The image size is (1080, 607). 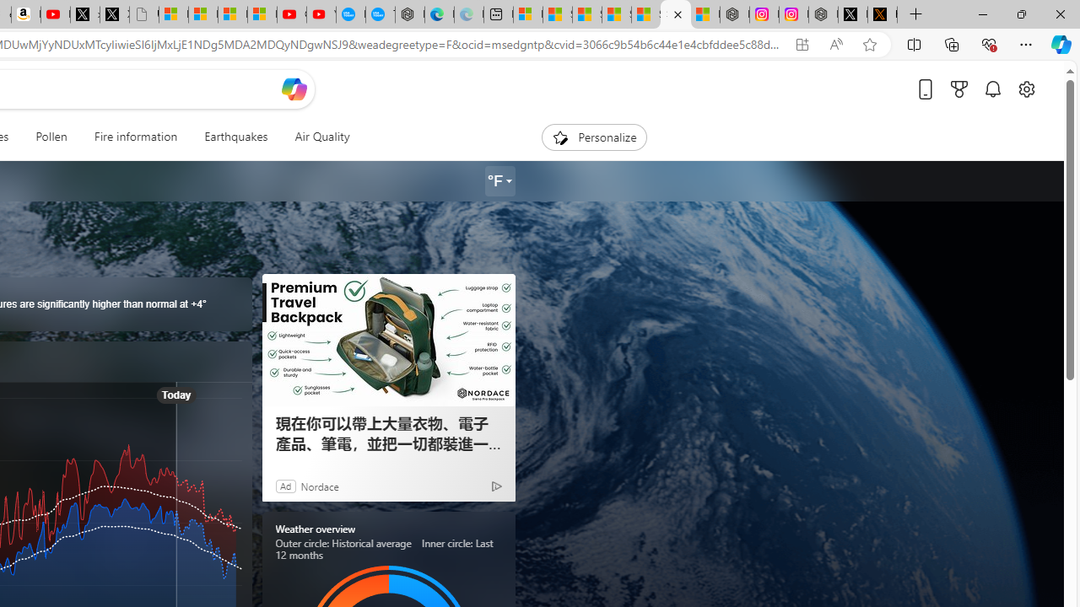 What do you see at coordinates (526, 14) in the screenshot?
I see `'Microsoft account | Microsoft Account Privacy Settings'` at bounding box center [526, 14].